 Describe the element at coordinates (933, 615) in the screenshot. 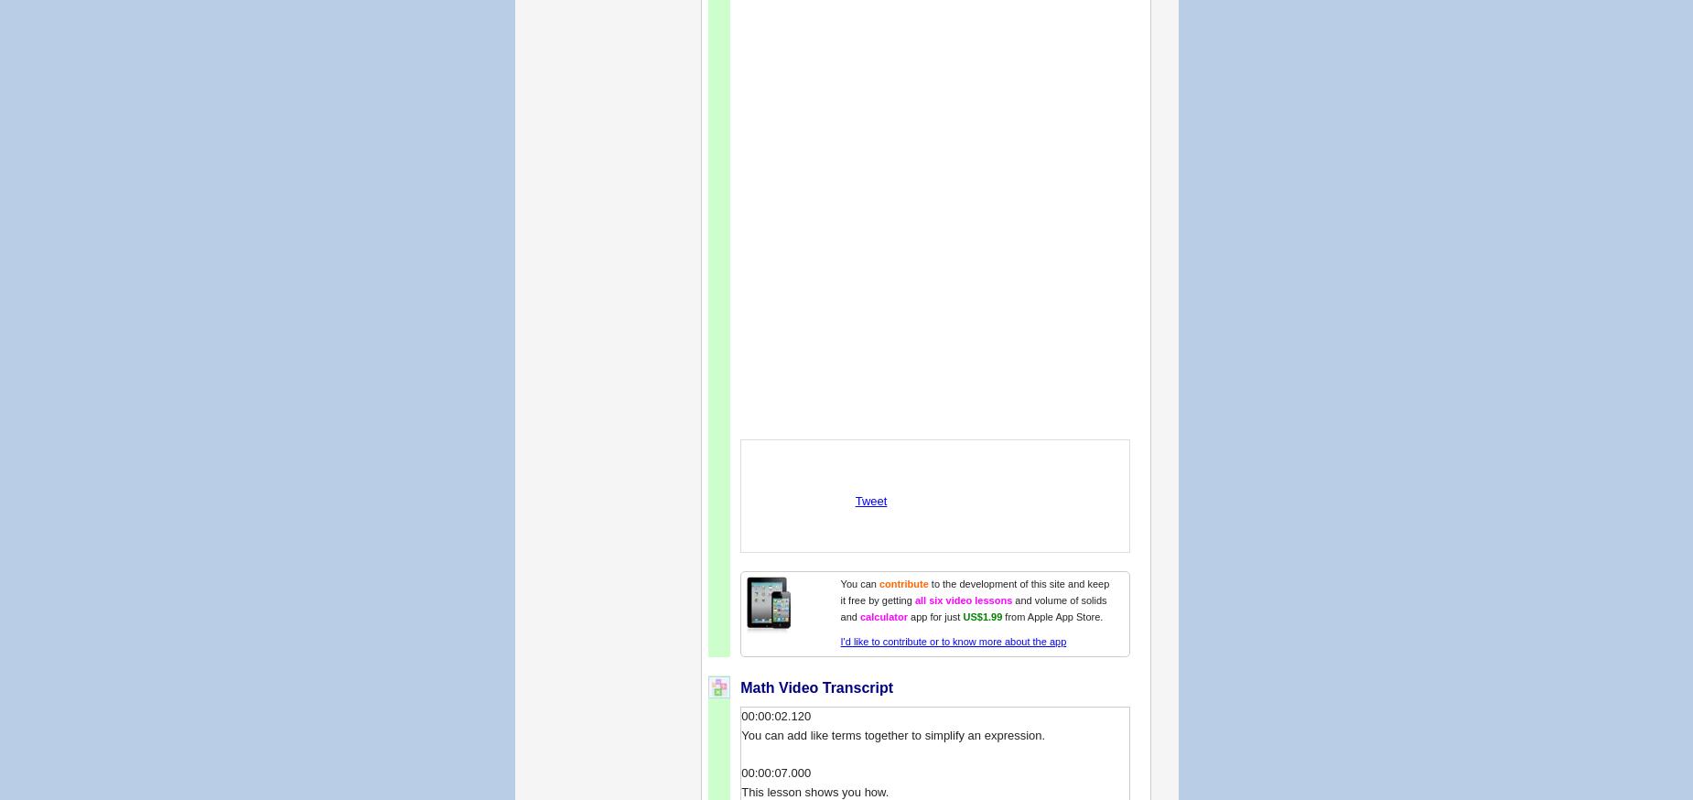

I see `'app for just'` at that location.